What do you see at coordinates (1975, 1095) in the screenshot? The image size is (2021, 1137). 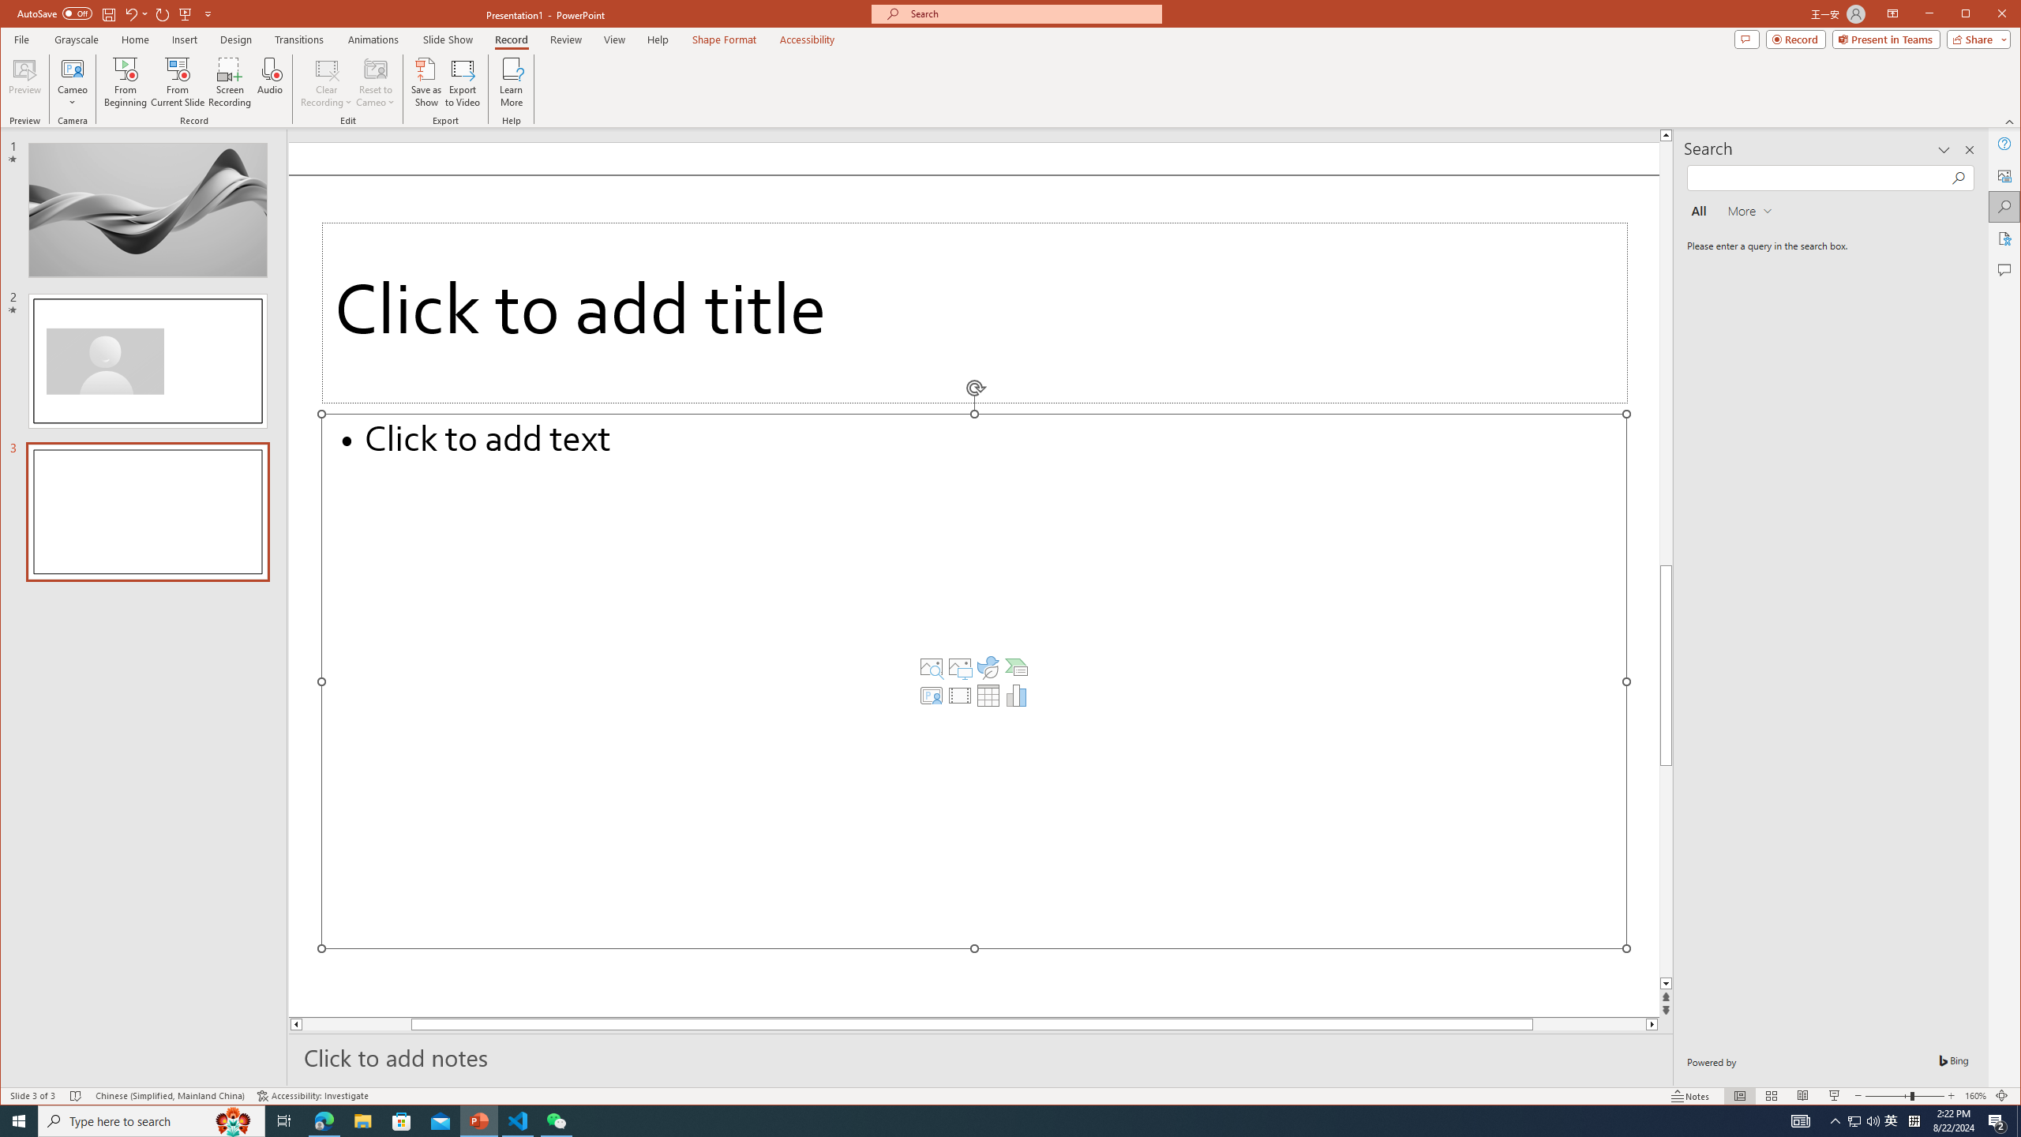 I see `'Zoom 160%'` at bounding box center [1975, 1095].